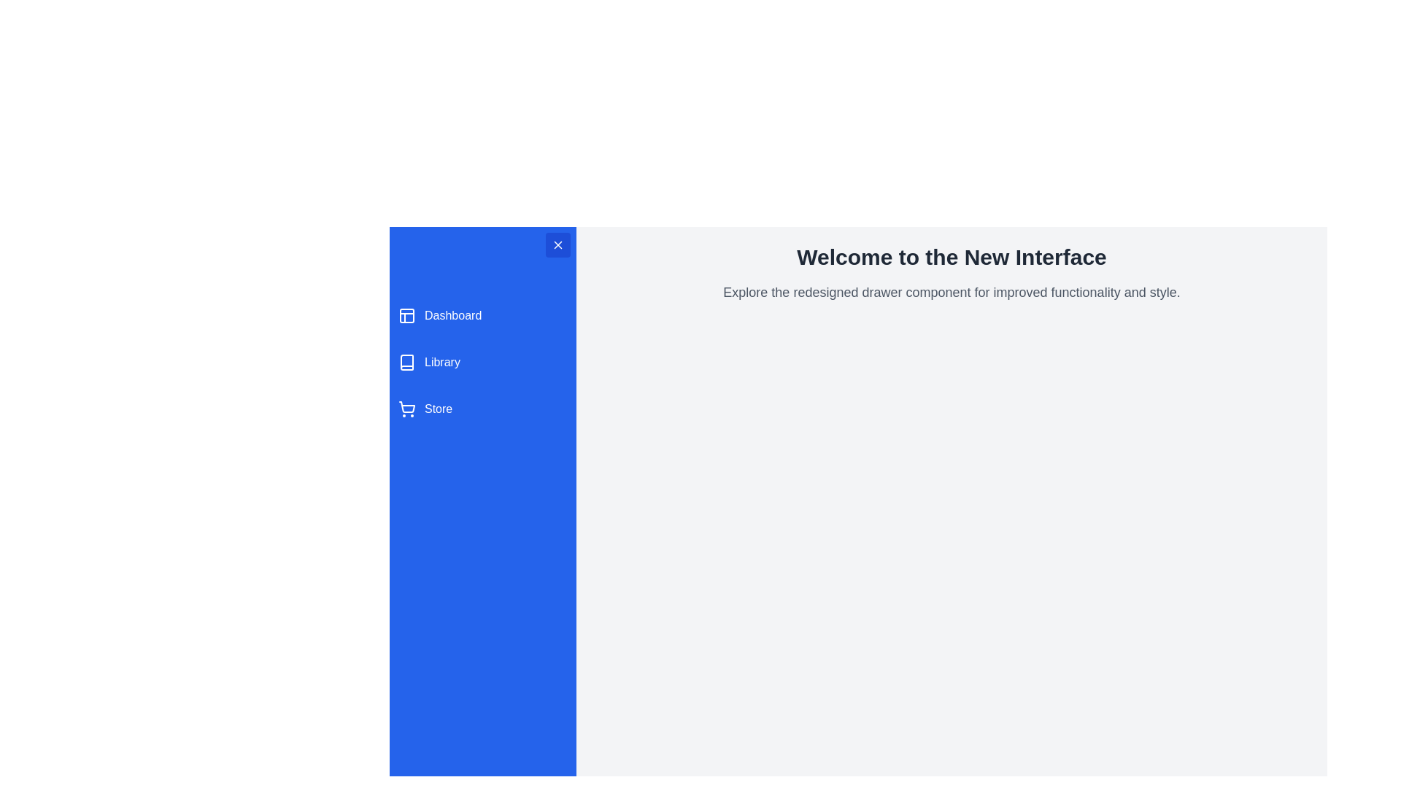 Image resolution: width=1401 pixels, height=788 pixels. I want to click on the 'X' icon with a blue circular background in the upper right corner of the blue sidebar, so click(557, 244).